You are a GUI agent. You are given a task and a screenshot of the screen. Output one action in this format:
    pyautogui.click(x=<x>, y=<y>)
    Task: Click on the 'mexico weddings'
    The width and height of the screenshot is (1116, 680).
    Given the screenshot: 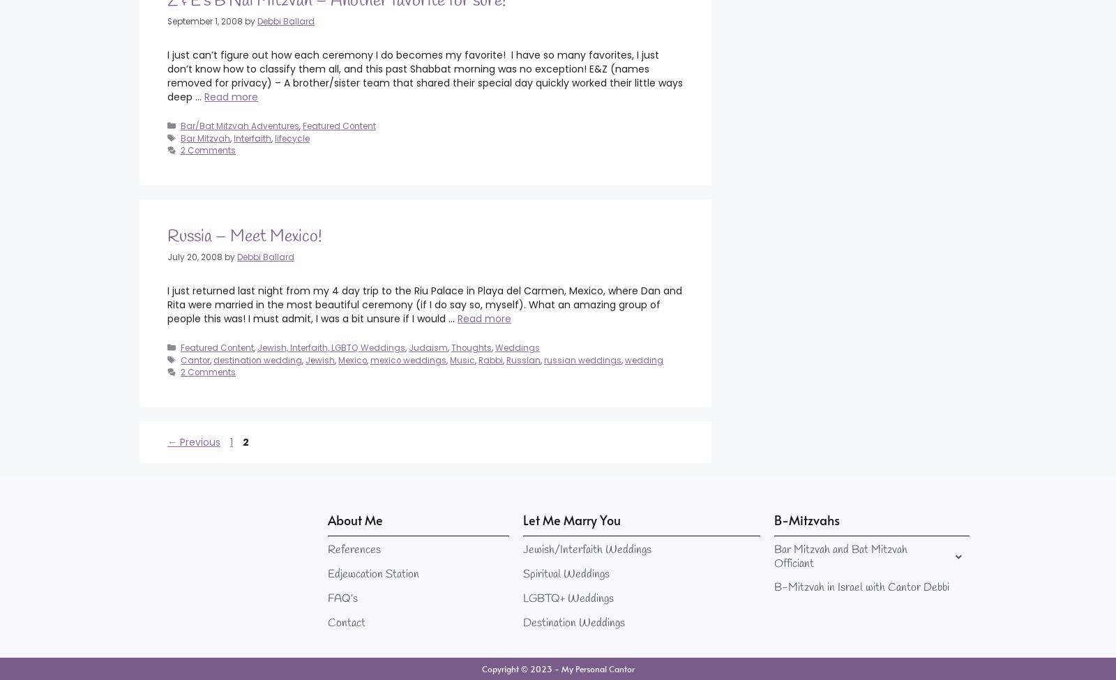 What is the action you would take?
    pyautogui.click(x=407, y=358)
    